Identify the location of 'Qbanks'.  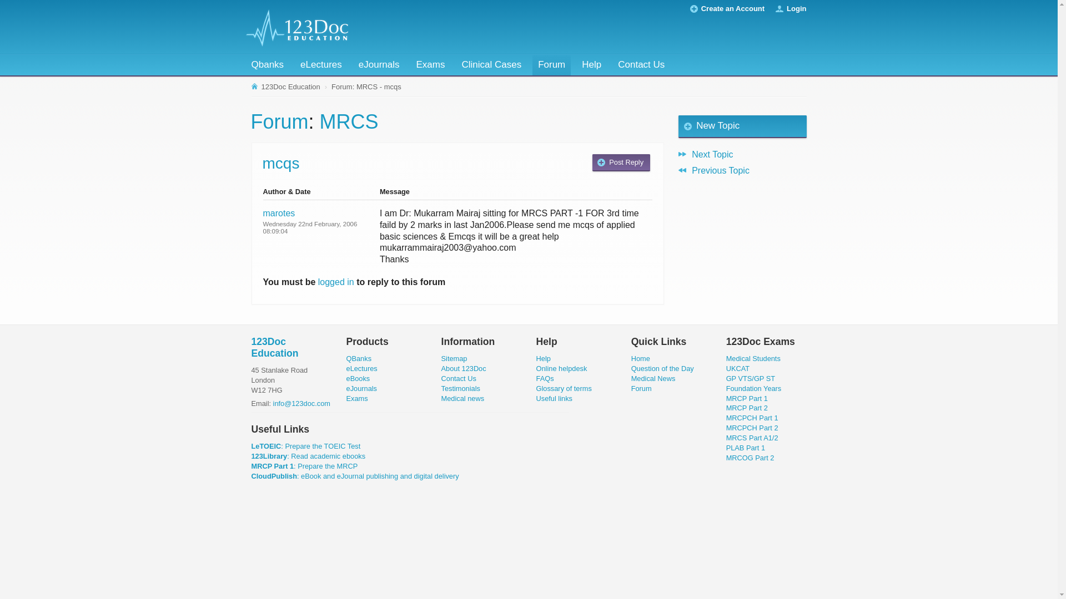
(267, 65).